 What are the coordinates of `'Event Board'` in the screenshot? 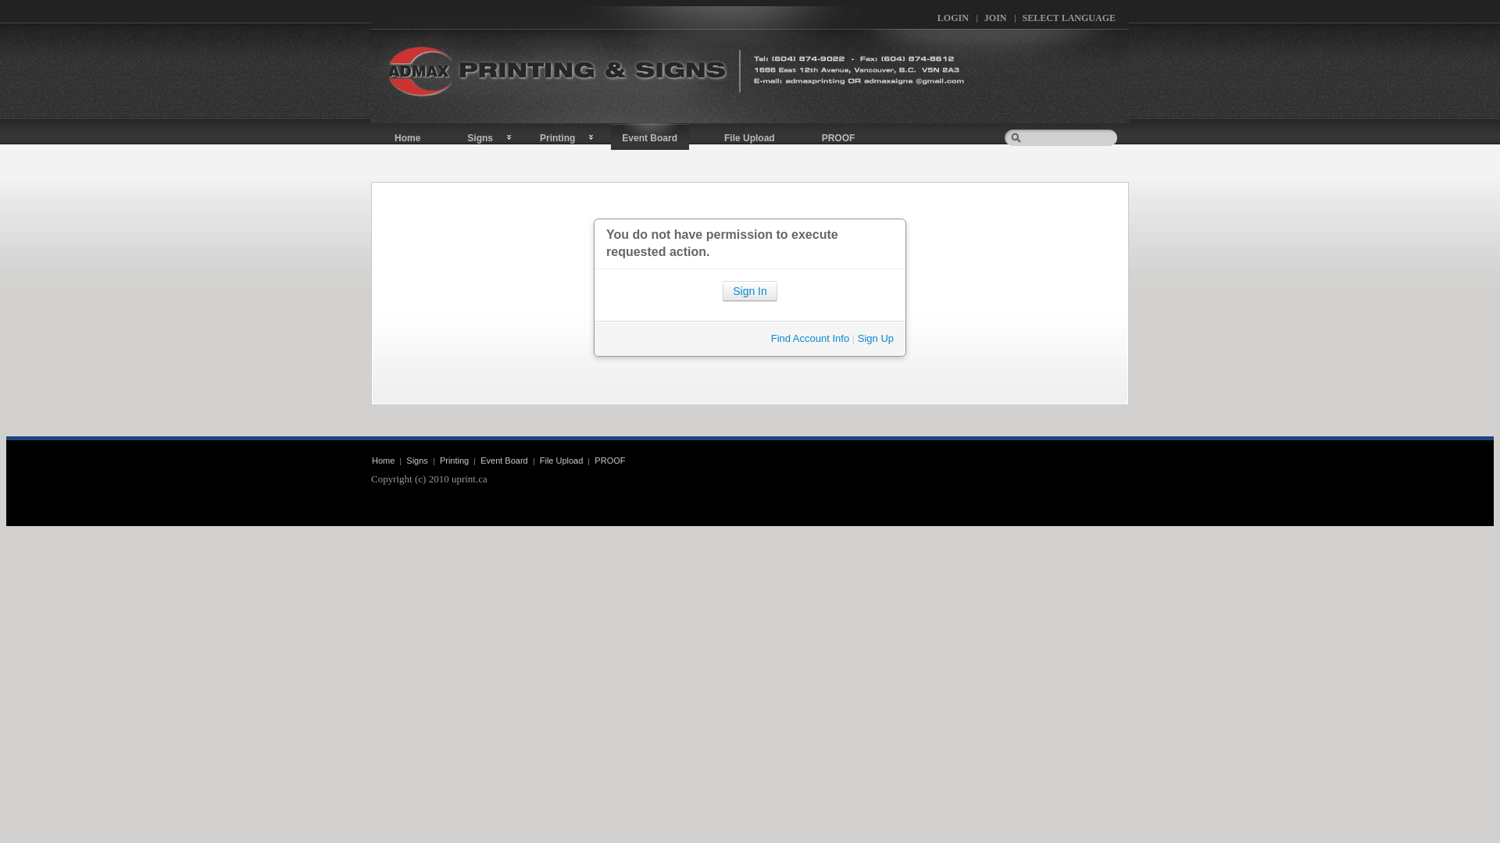 It's located at (649, 135).